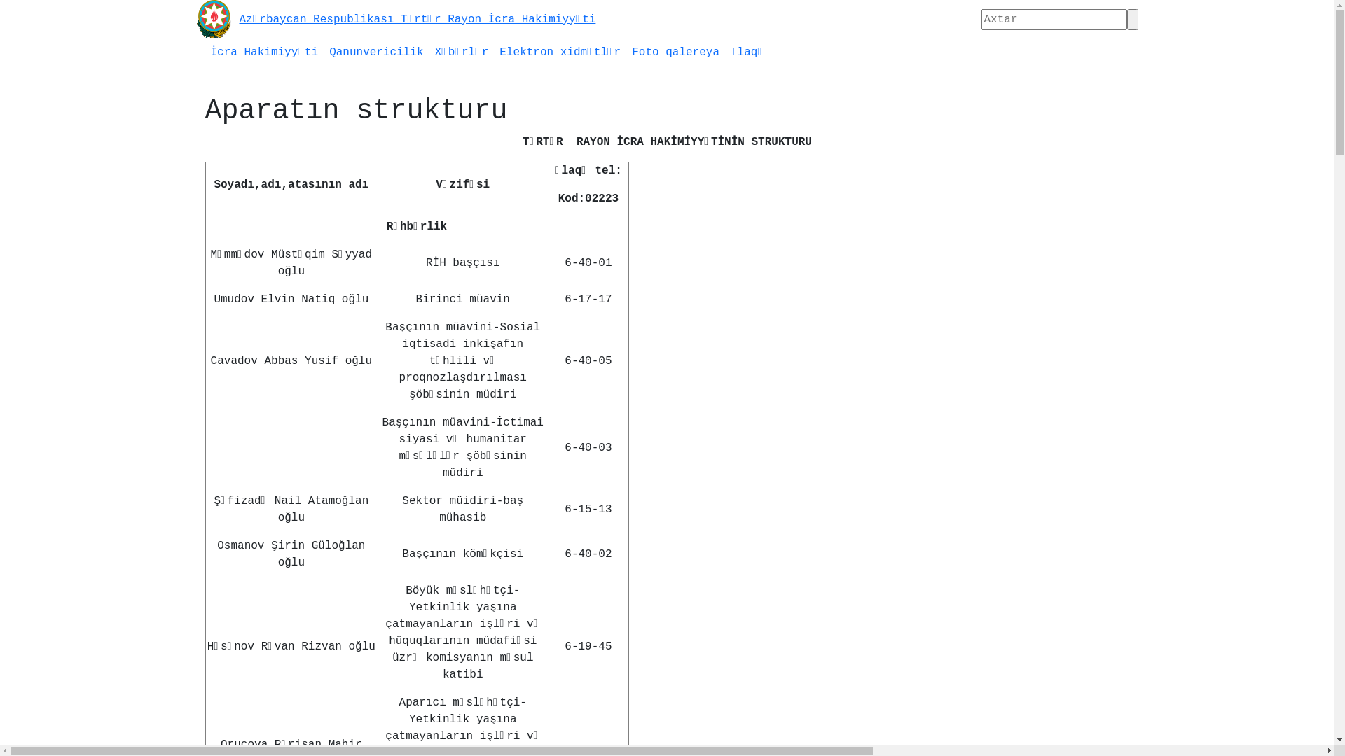 The width and height of the screenshot is (1345, 756). Describe the element at coordinates (625, 51) in the screenshot. I see `'Foto qalereya'` at that location.